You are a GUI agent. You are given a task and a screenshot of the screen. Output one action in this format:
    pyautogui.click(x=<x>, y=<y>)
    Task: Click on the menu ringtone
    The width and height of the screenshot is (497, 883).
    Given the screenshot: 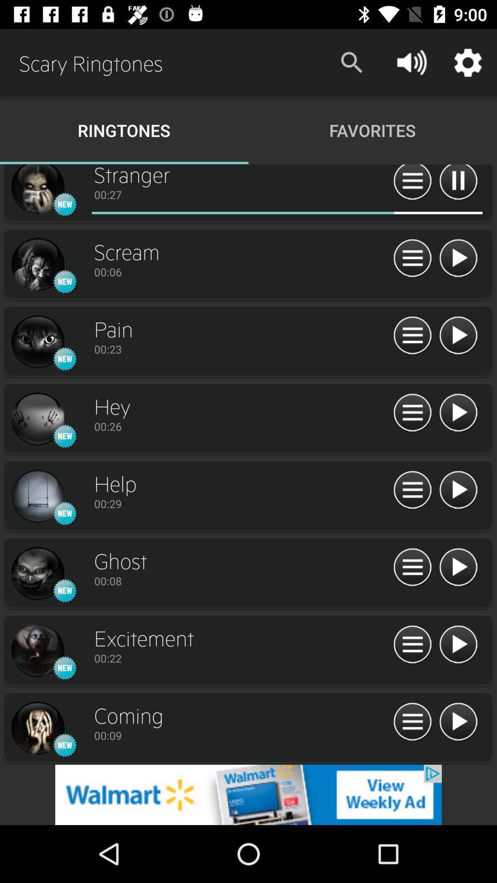 What is the action you would take?
    pyautogui.click(x=412, y=335)
    